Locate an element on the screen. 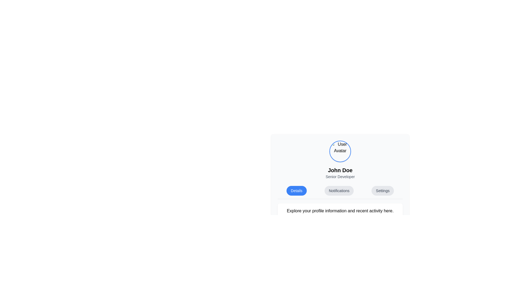 This screenshot has height=291, width=518. the avatar in the Profile Header, which features a circular image above the name 'John Doe' and the role title 'Senior Developer' is located at coordinates (340, 160).